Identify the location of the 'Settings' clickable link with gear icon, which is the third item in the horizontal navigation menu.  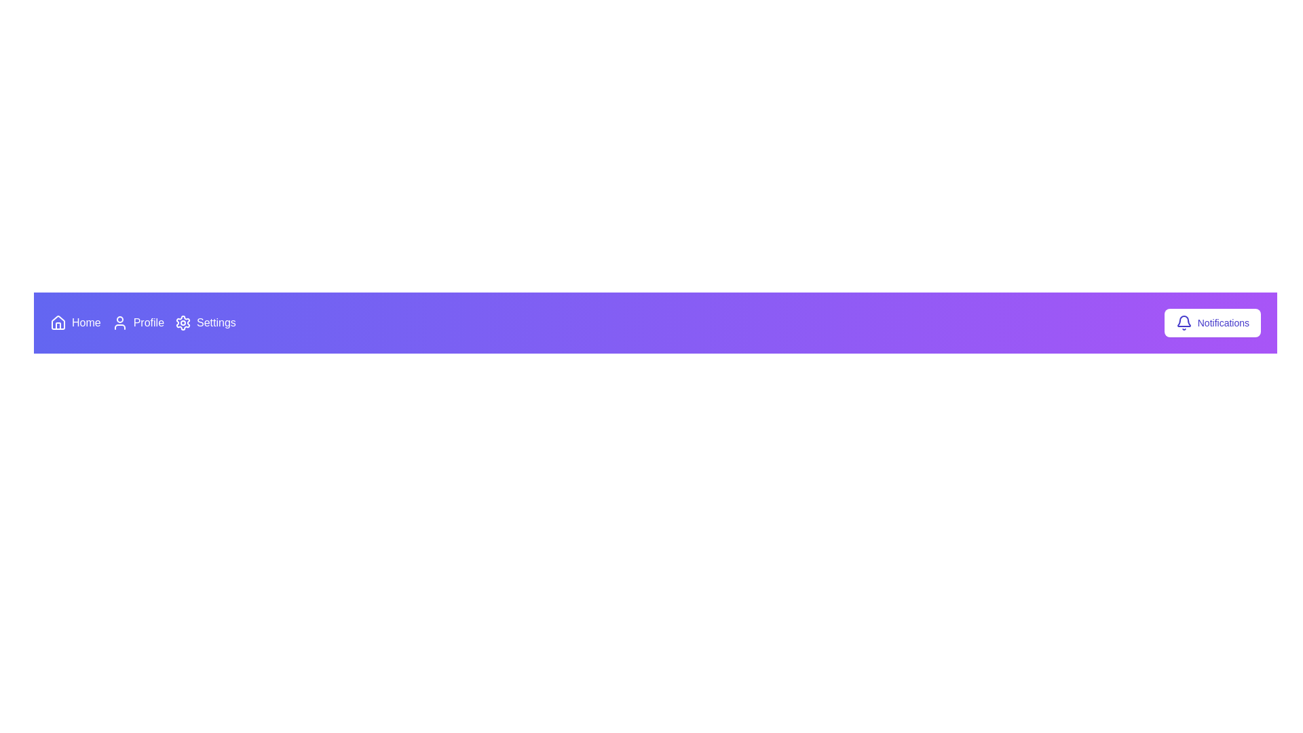
(204, 322).